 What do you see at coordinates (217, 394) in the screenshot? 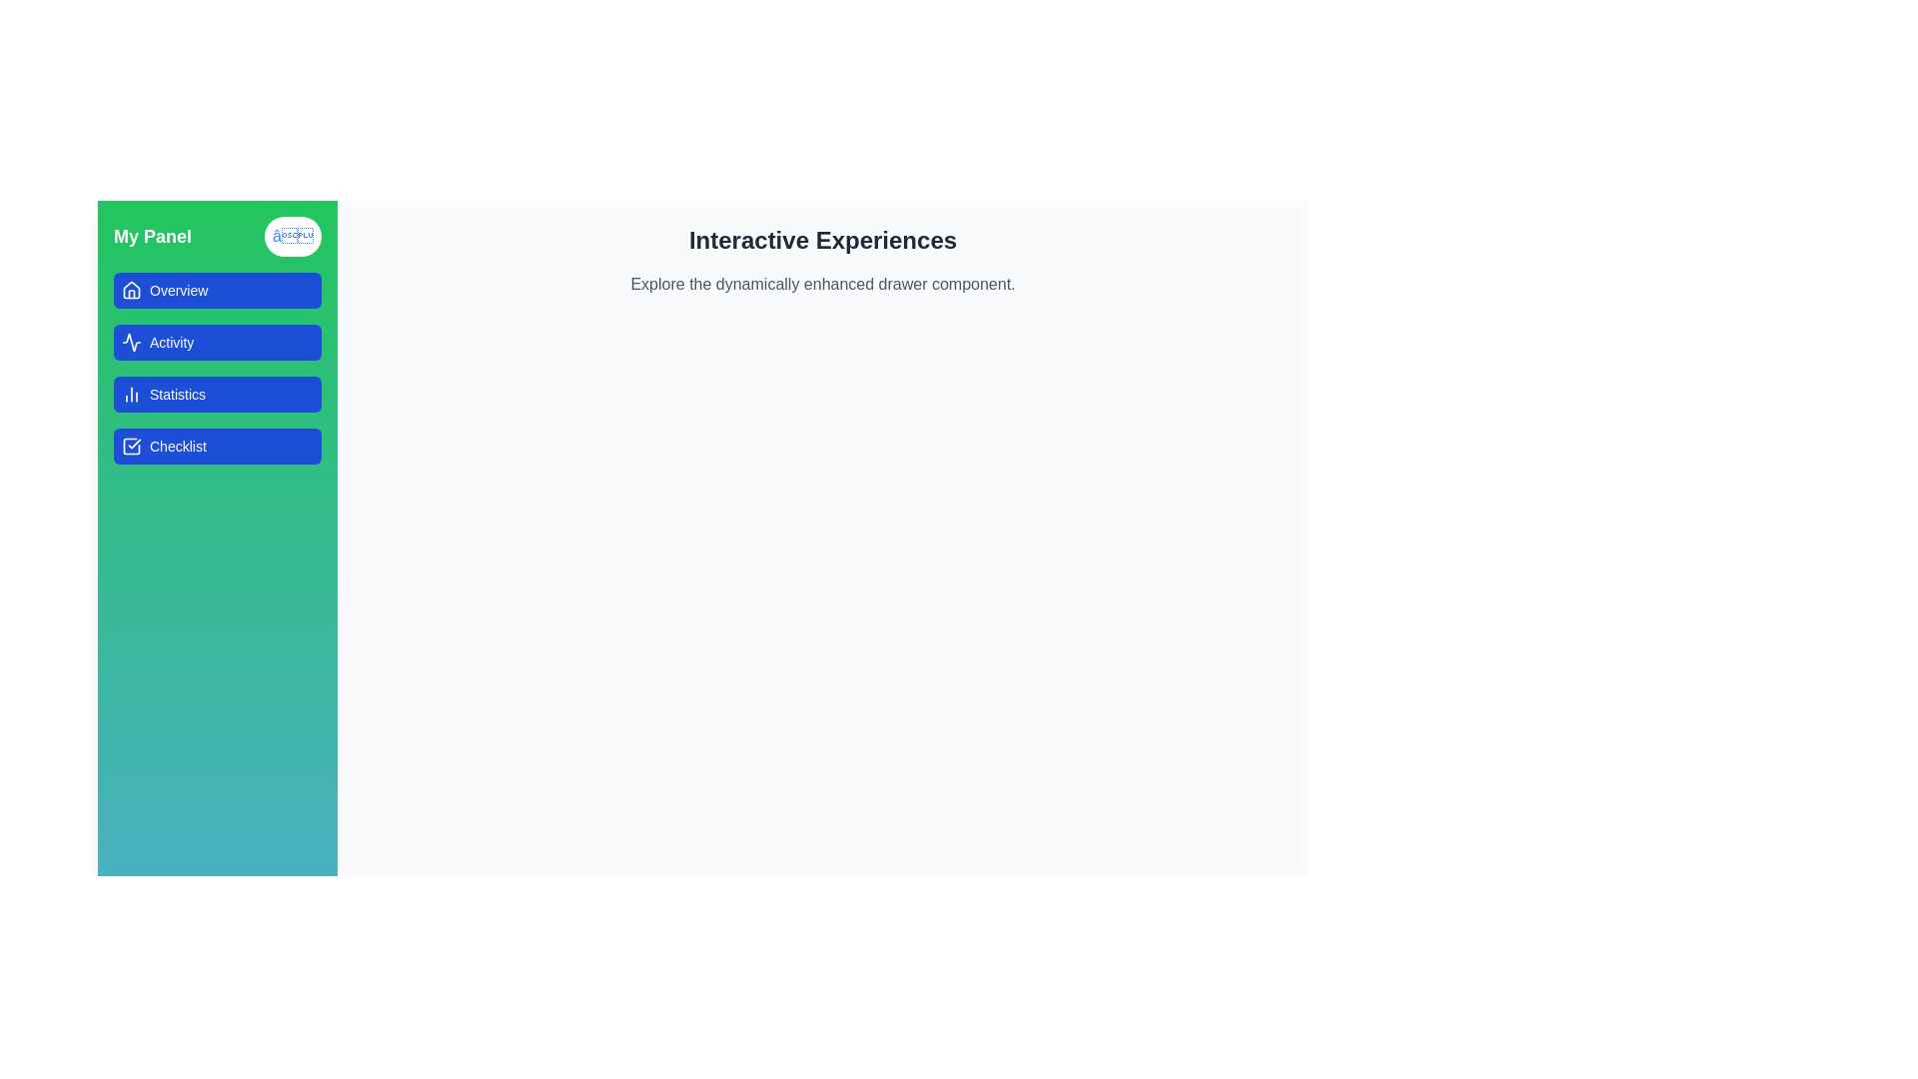
I see `the navigation button located centrally in the left panel, positioned between the 'Activity' button above and the 'Checklist' button below` at bounding box center [217, 394].